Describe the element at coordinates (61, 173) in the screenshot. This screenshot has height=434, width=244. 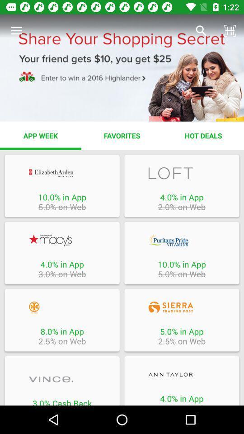
I see `choose offer` at that location.